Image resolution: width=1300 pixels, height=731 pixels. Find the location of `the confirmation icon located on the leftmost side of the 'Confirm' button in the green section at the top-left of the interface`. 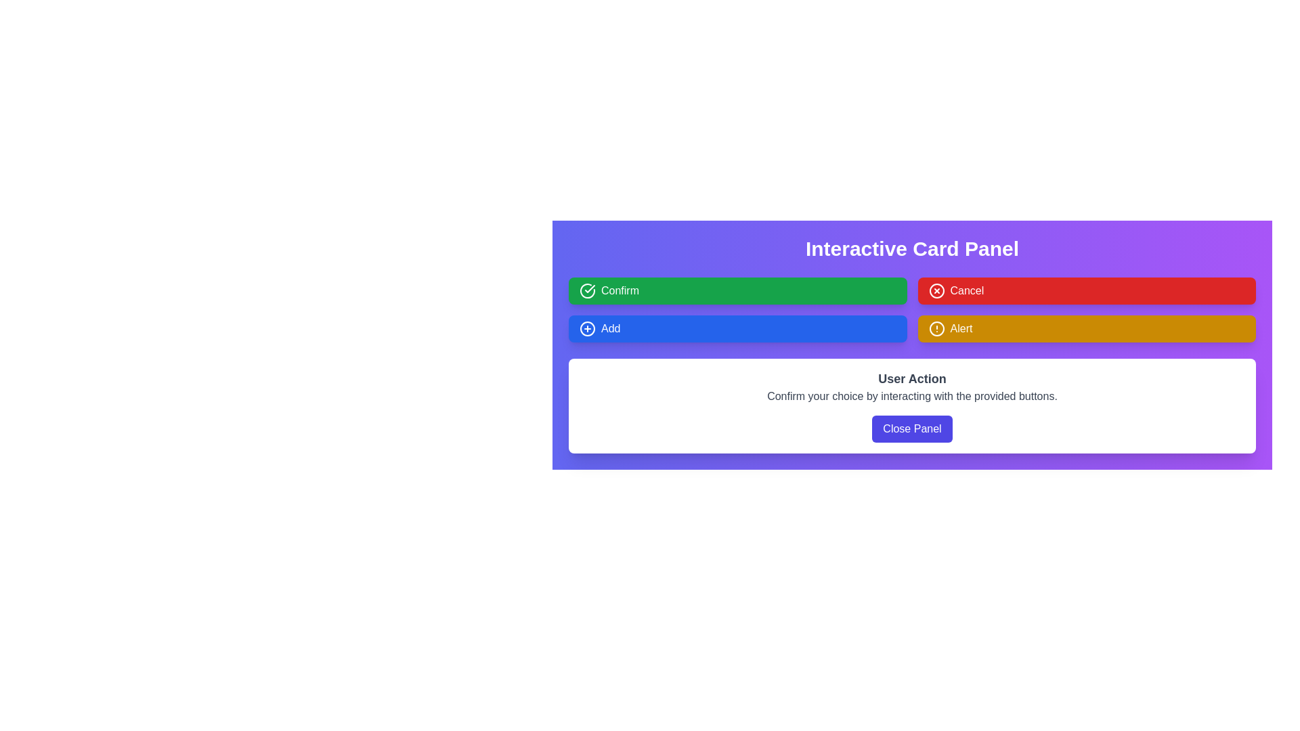

the confirmation icon located on the leftmost side of the 'Confirm' button in the green section at the top-left of the interface is located at coordinates (588, 290).